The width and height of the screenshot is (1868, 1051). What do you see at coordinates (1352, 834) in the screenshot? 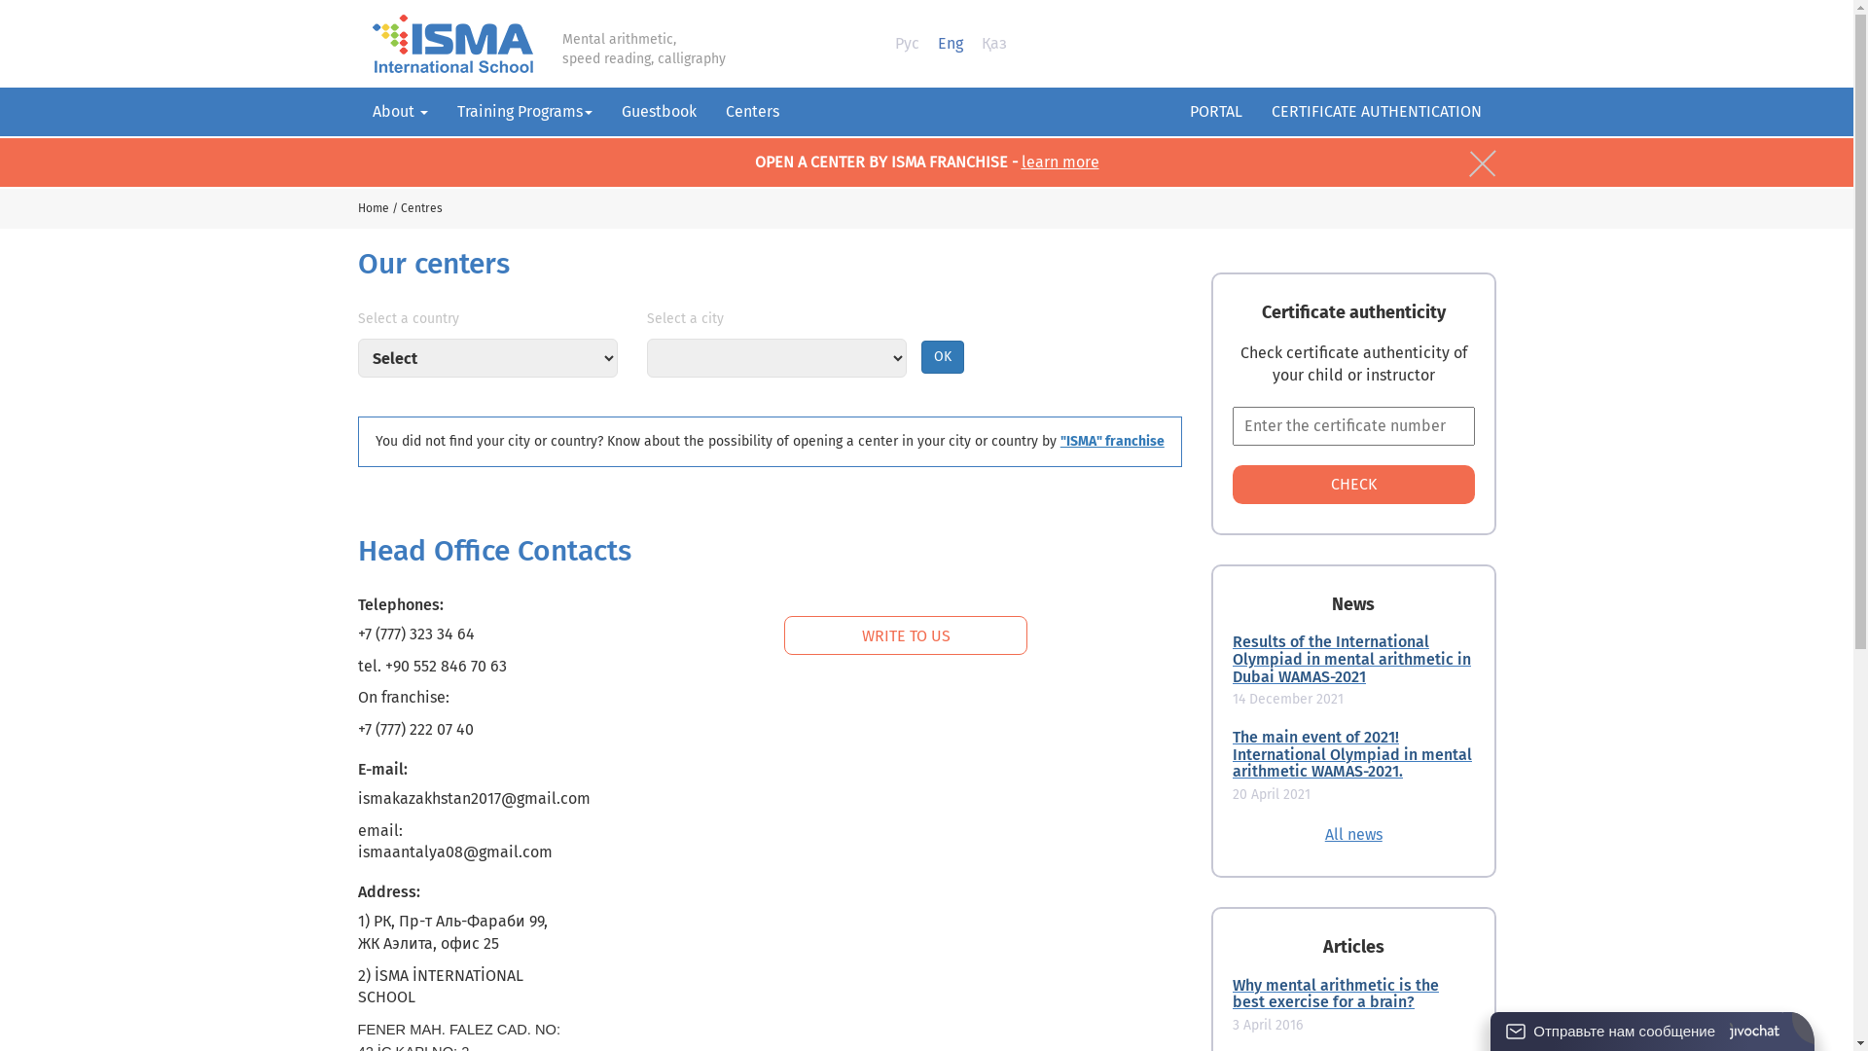
I see `'All news'` at bounding box center [1352, 834].